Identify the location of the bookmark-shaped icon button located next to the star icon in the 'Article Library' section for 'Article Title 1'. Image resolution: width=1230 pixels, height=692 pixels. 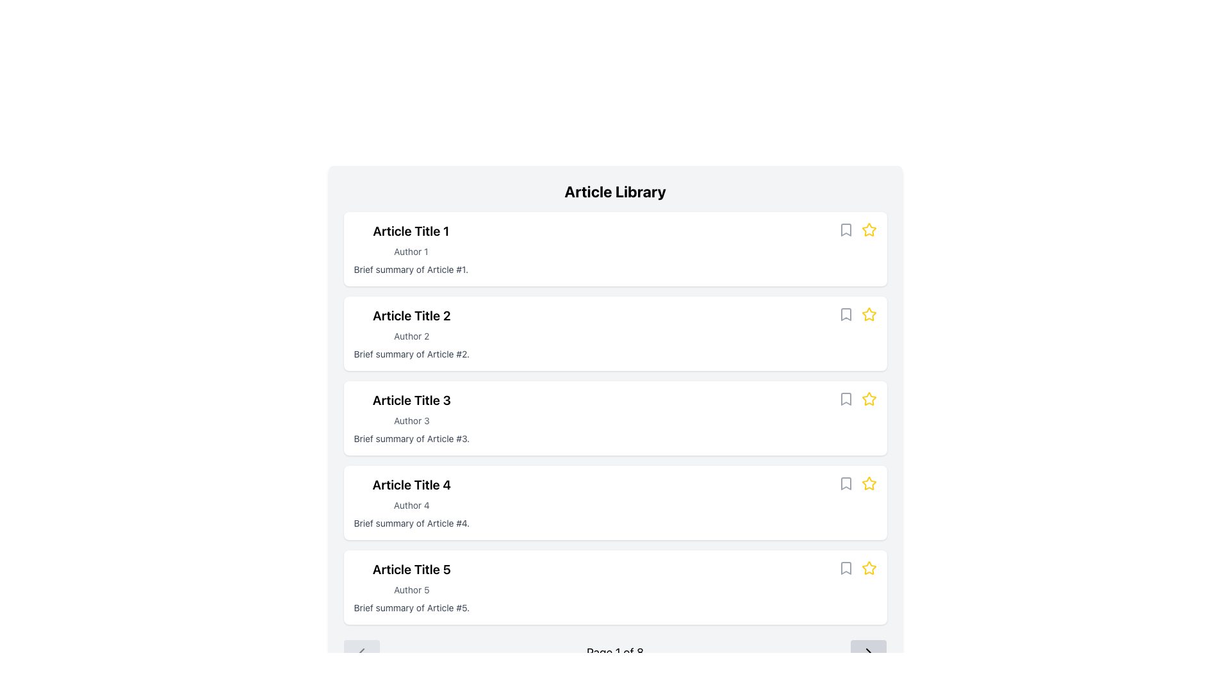
(846, 229).